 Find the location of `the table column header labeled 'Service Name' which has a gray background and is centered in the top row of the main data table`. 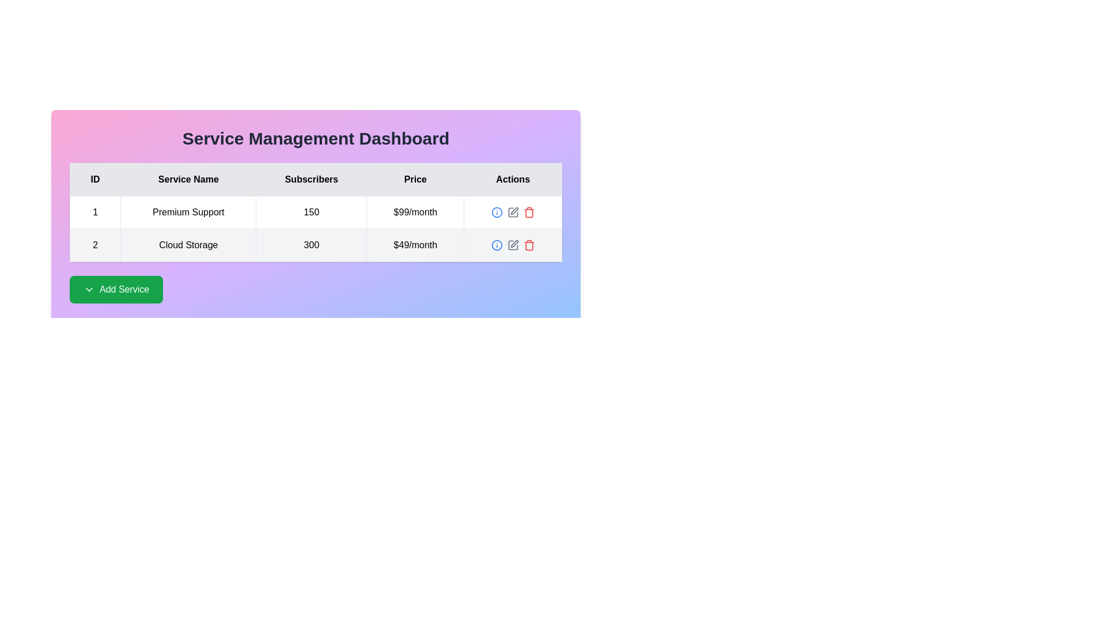

the table column header labeled 'Service Name' which has a gray background and is centered in the top row of the main data table is located at coordinates (188, 180).